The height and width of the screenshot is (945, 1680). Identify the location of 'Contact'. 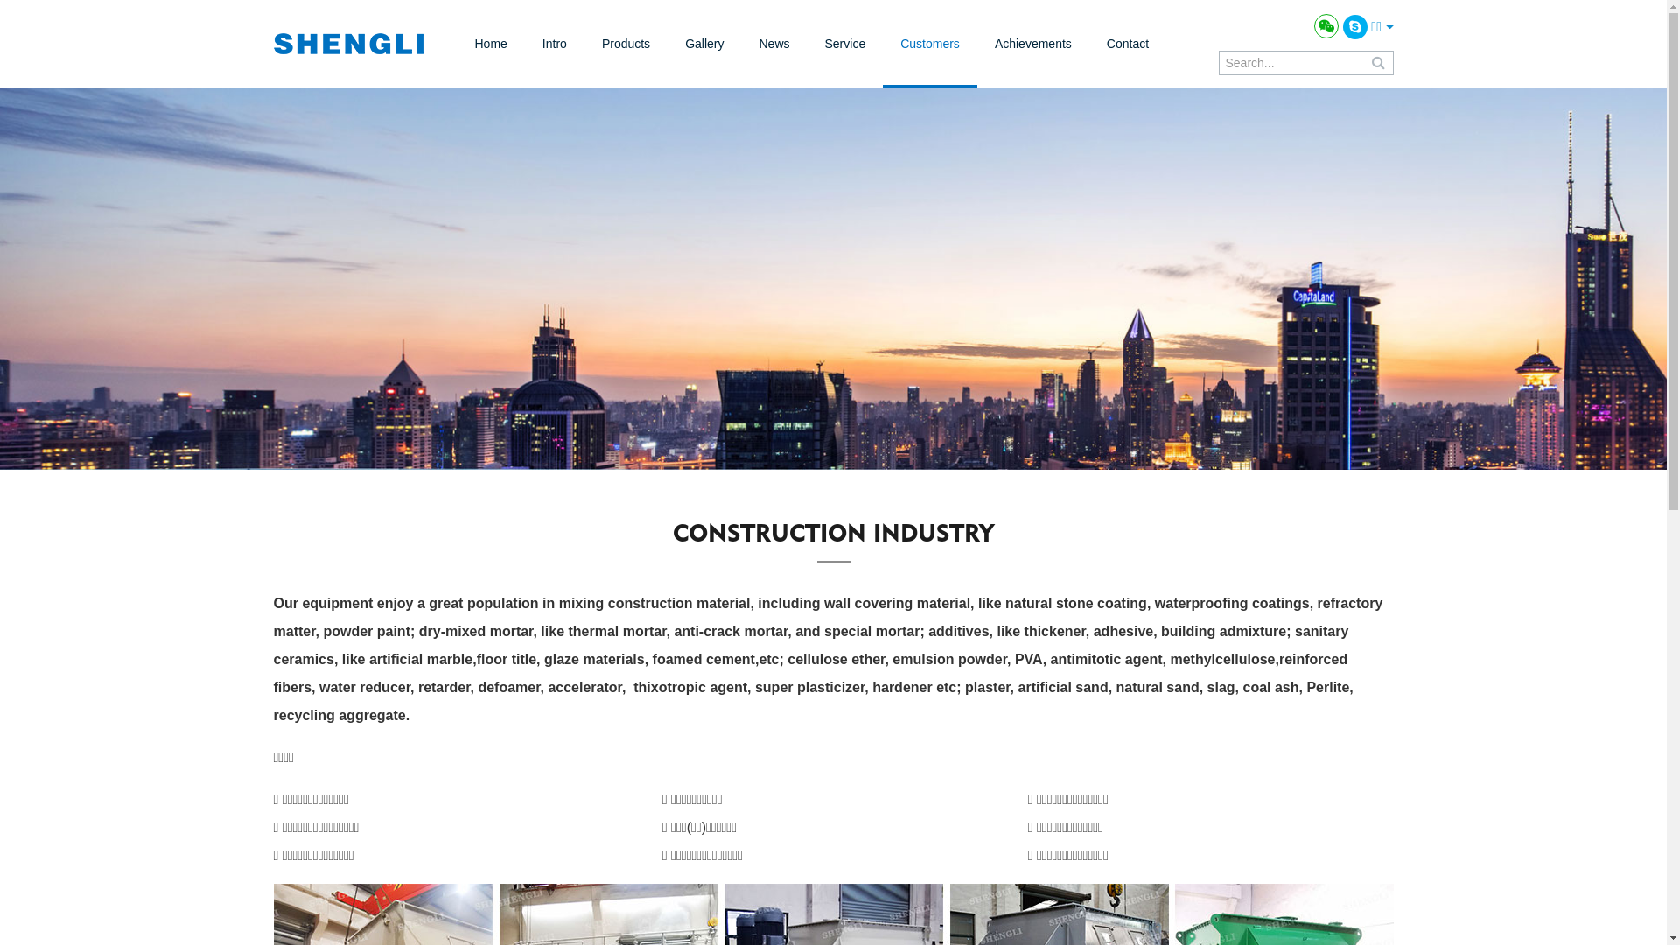
(1128, 43).